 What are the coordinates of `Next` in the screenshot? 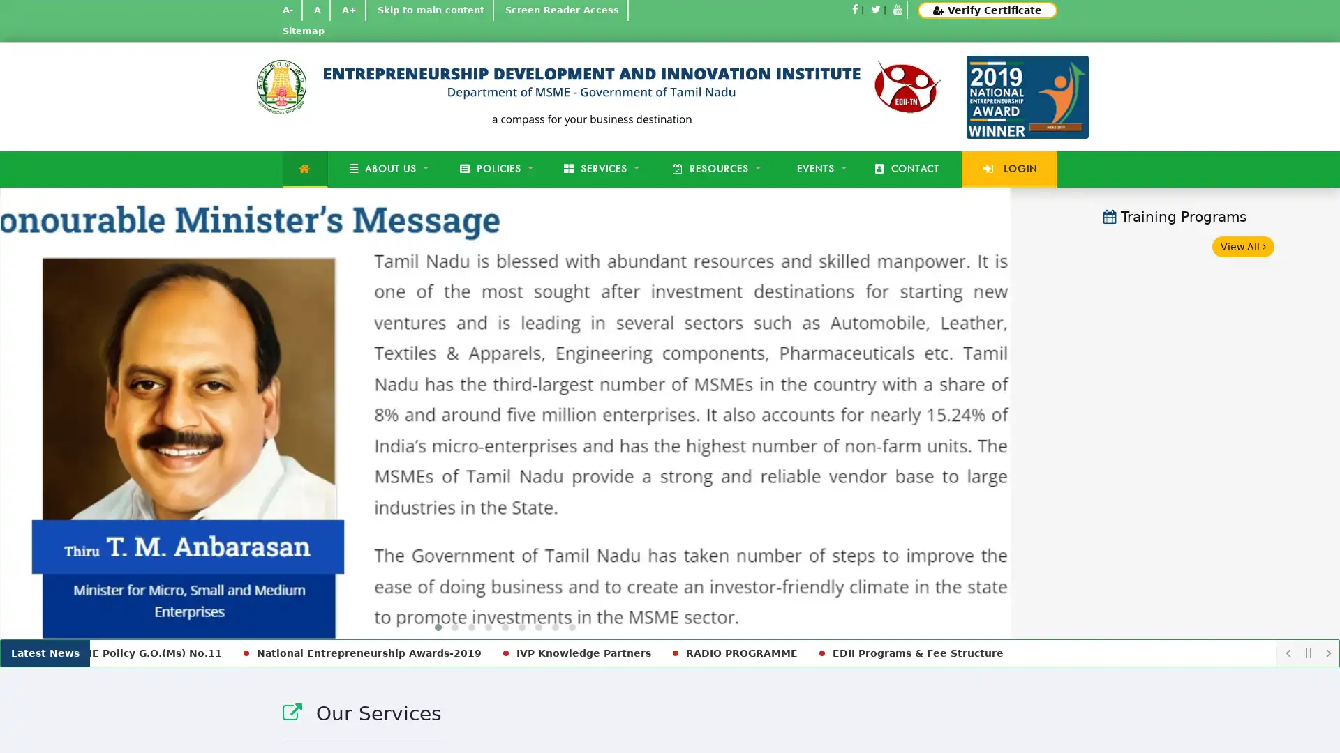 It's located at (981, 398).